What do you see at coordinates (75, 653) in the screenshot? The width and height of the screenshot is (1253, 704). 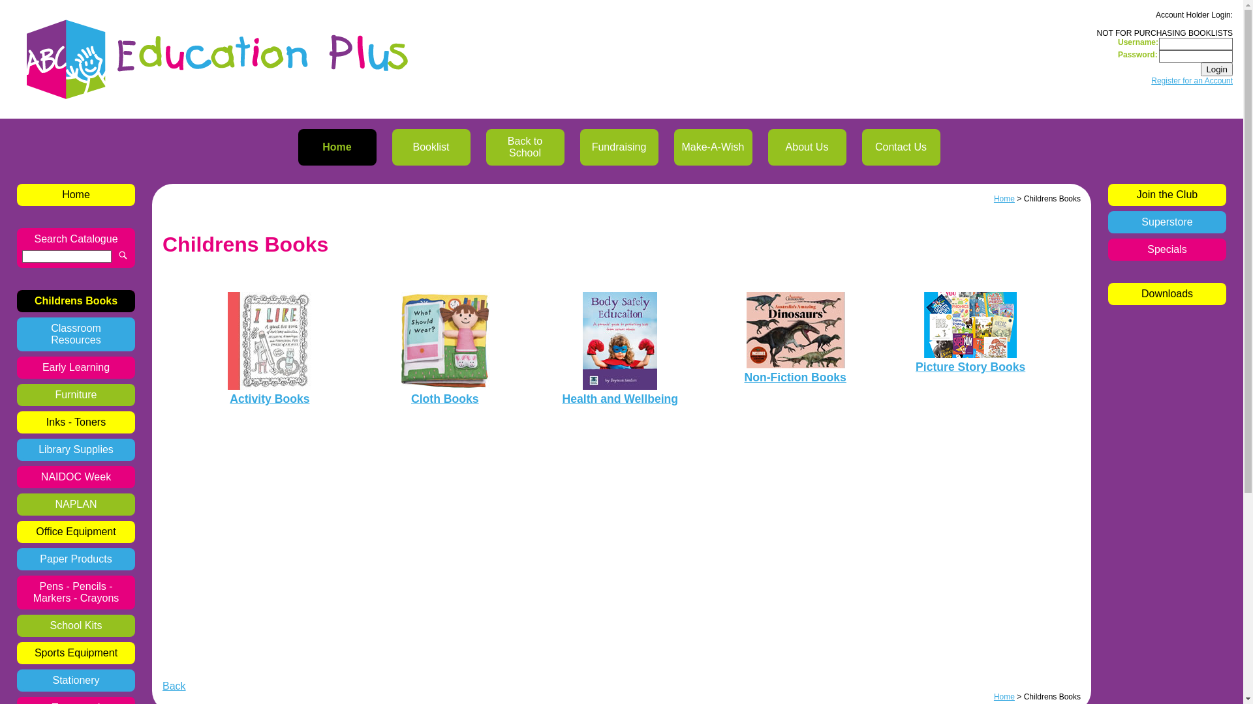 I see `'Sports Equipment'` at bounding box center [75, 653].